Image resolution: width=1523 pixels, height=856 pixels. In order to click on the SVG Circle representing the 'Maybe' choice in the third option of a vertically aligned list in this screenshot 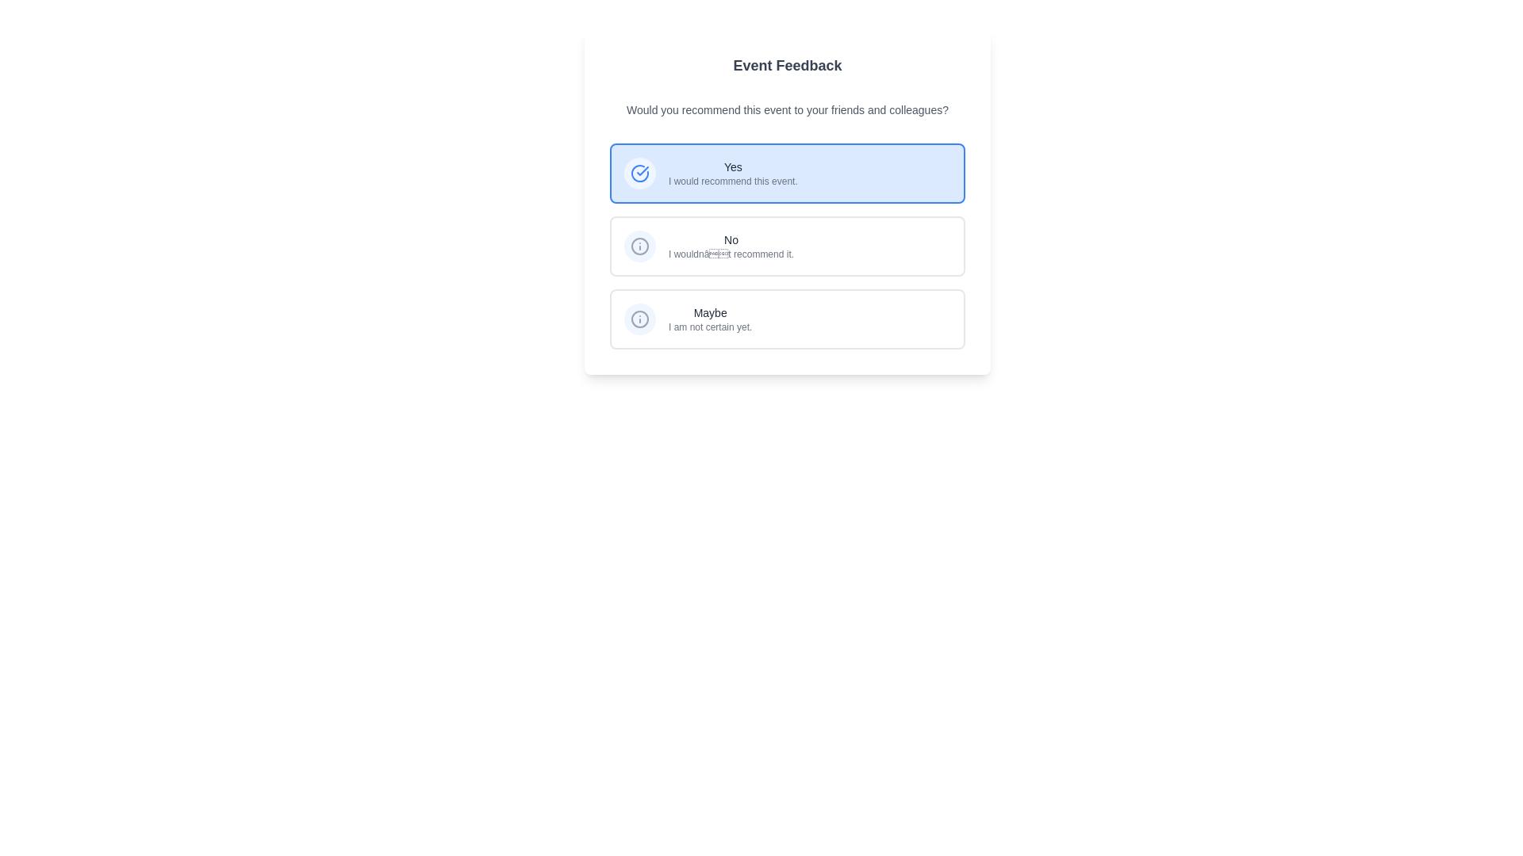, I will do `click(639, 319)`.